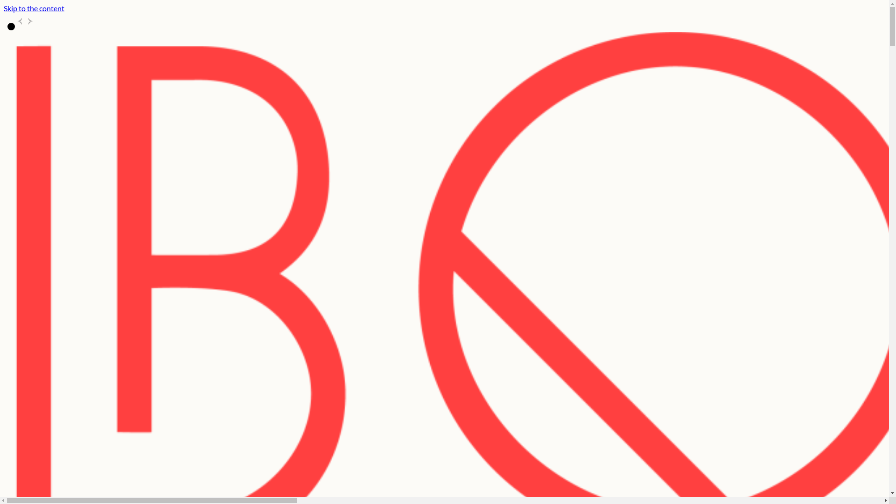 This screenshot has height=504, width=896. I want to click on 'Skip to the content', so click(34, 8).